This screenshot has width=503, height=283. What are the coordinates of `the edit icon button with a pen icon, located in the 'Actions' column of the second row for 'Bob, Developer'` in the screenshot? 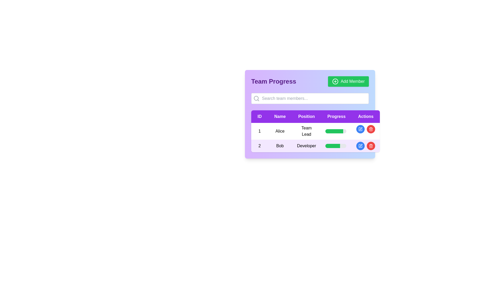 It's located at (360, 146).